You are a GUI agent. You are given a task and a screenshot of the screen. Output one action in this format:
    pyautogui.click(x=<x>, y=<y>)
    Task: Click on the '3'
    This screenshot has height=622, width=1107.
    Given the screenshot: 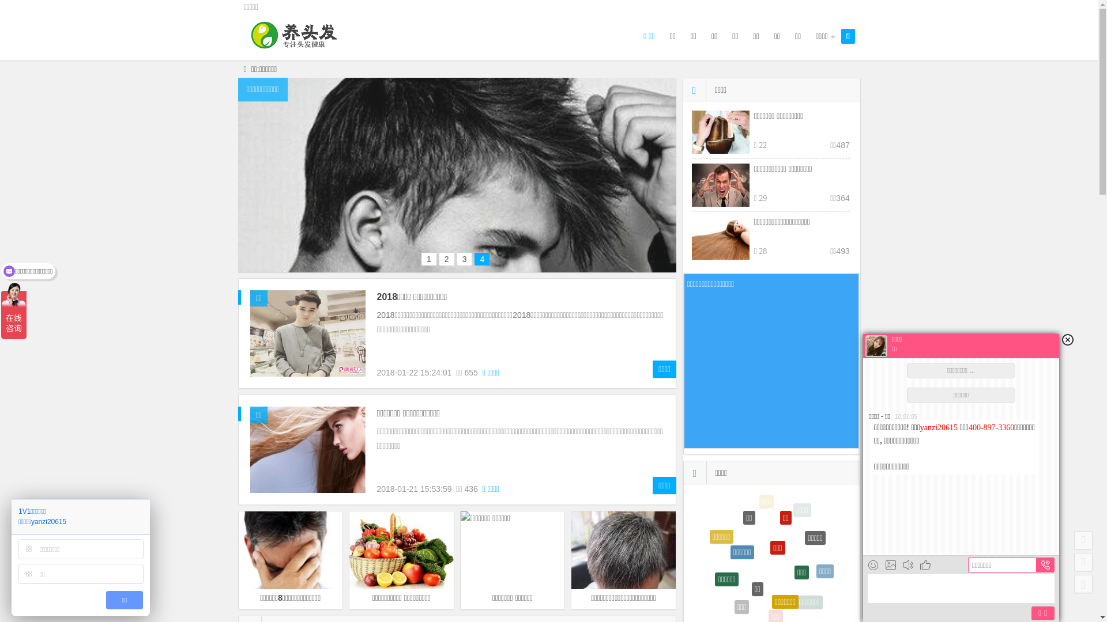 What is the action you would take?
    pyautogui.click(x=465, y=257)
    